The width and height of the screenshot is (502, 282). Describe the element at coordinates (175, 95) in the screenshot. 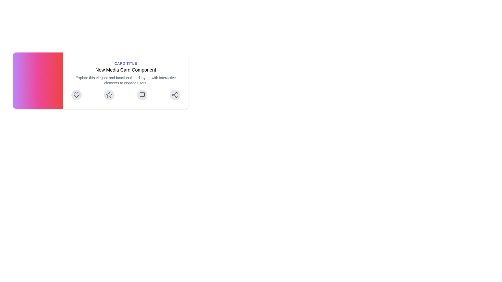

I see `the interactive share icon button, which is a circular button with a share symbol resembling three connected dots, located at the far-right end of the row of icons under the text content of the card` at that location.